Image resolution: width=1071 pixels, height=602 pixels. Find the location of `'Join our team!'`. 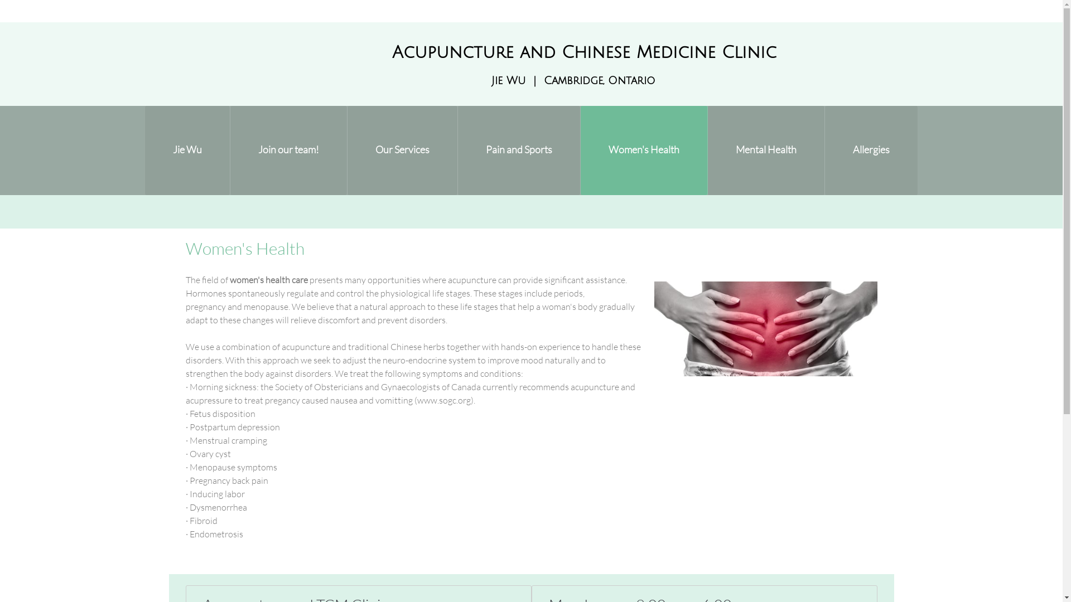

'Join our team!' is located at coordinates (289, 151).